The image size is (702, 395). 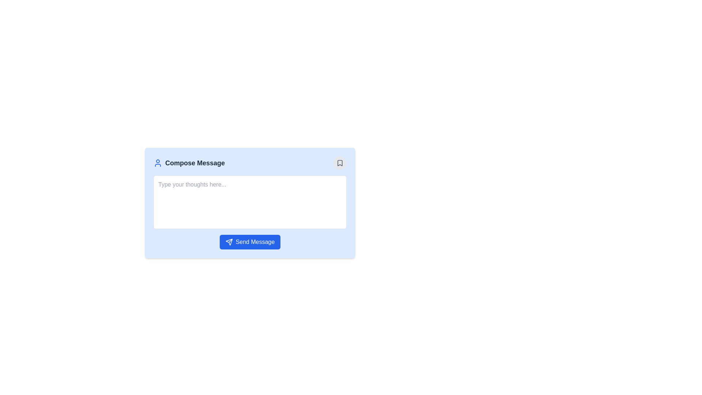 What do you see at coordinates (195, 163) in the screenshot?
I see `the 'Compose Message' text label, which is styled in bold and large dark gray font and positioned above the text input area` at bounding box center [195, 163].